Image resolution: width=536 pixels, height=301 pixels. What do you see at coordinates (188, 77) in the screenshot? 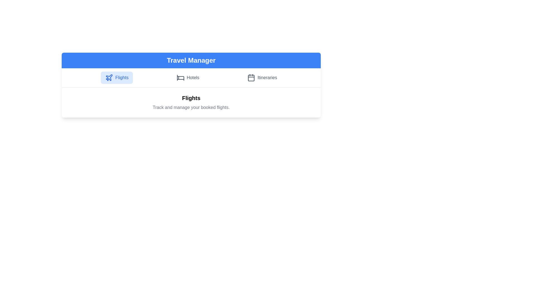
I see `the Hotels tab to view its details` at bounding box center [188, 77].